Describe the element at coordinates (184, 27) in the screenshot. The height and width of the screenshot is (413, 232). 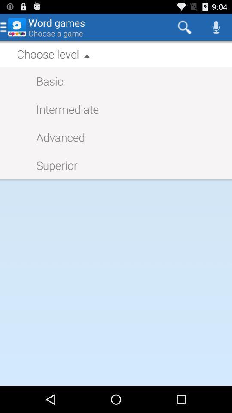
I see `icon next to word games` at that location.